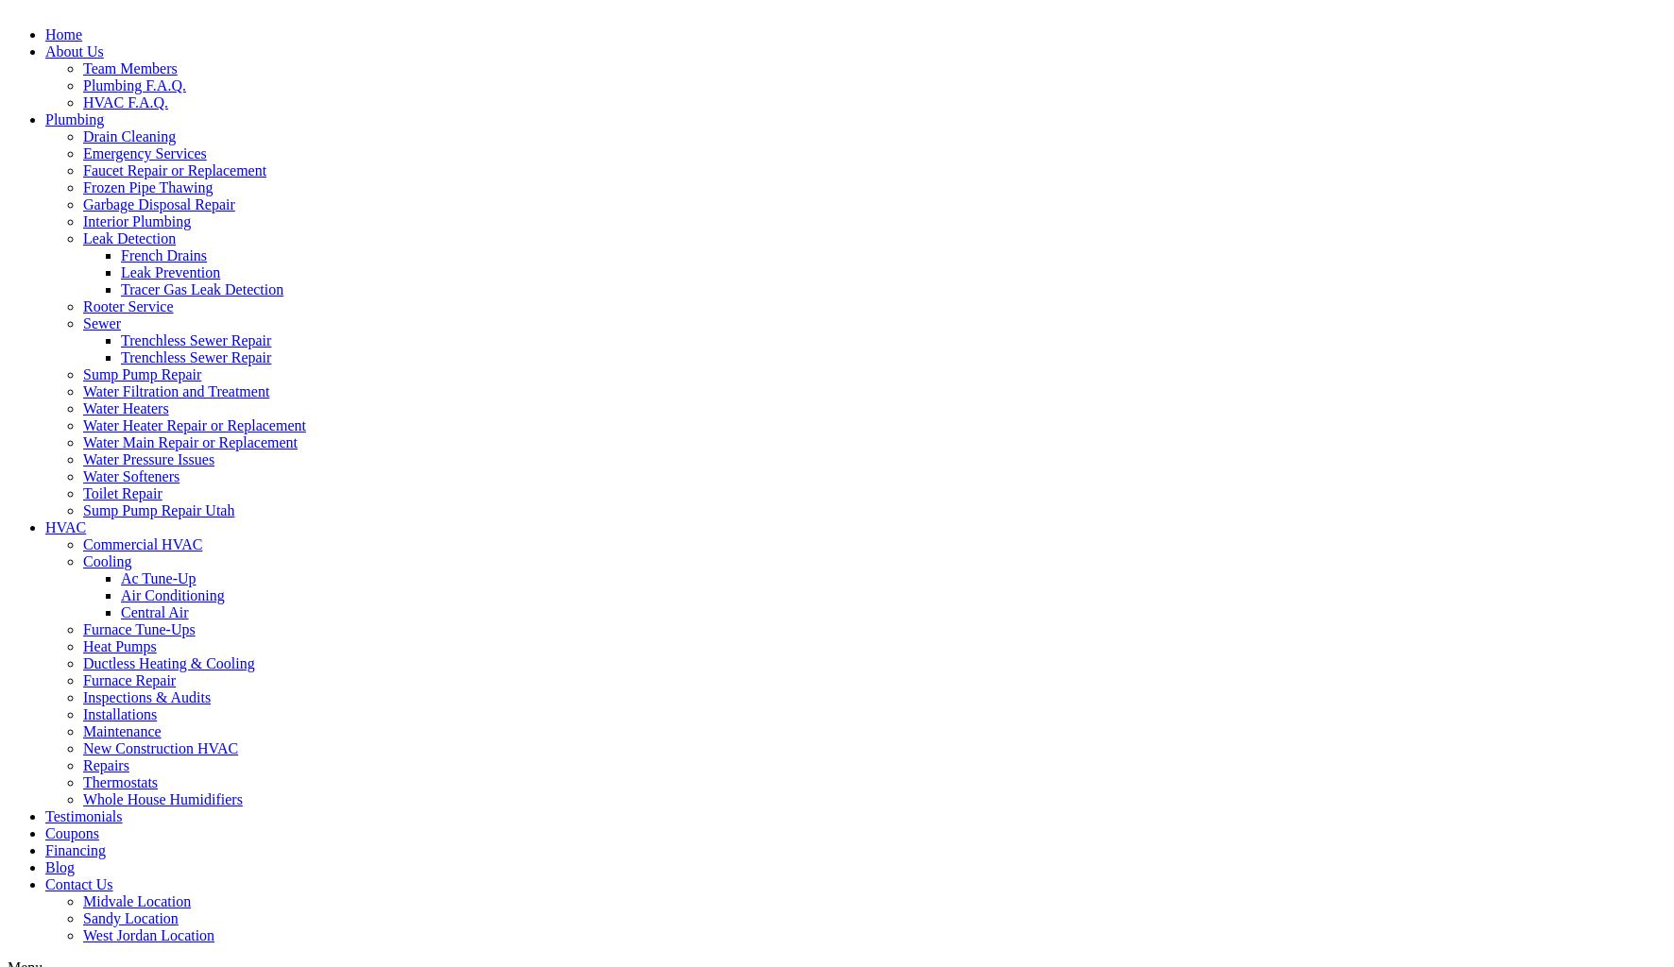 This screenshot has height=967, width=1674. I want to click on 'Commercial HVAC', so click(142, 542).